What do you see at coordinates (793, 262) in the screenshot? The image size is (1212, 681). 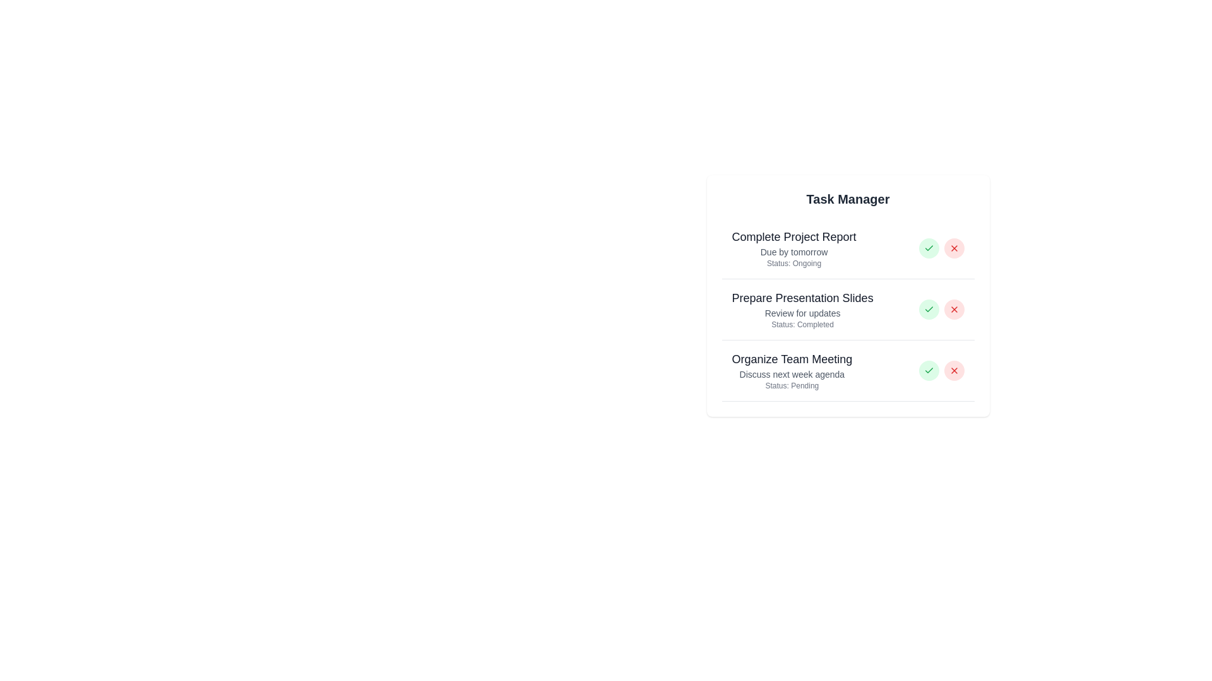 I see `the text label that displays 'Status: ongoing', which is styled in light gray and is located beneath the 'Due by tomorrow' subtitle in the 'Complete Project Report' task section` at bounding box center [793, 262].